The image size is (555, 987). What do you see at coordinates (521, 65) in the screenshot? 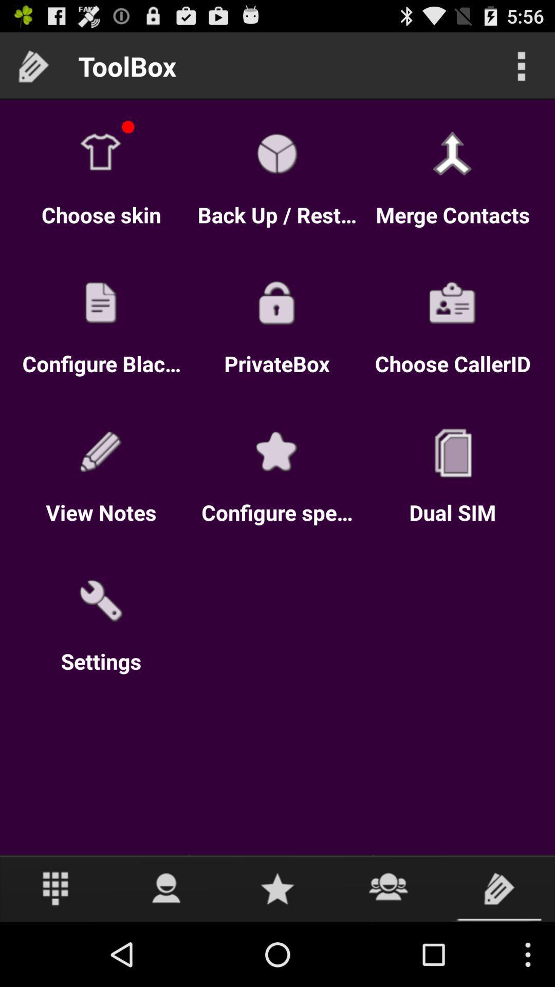
I see `show more options` at bounding box center [521, 65].